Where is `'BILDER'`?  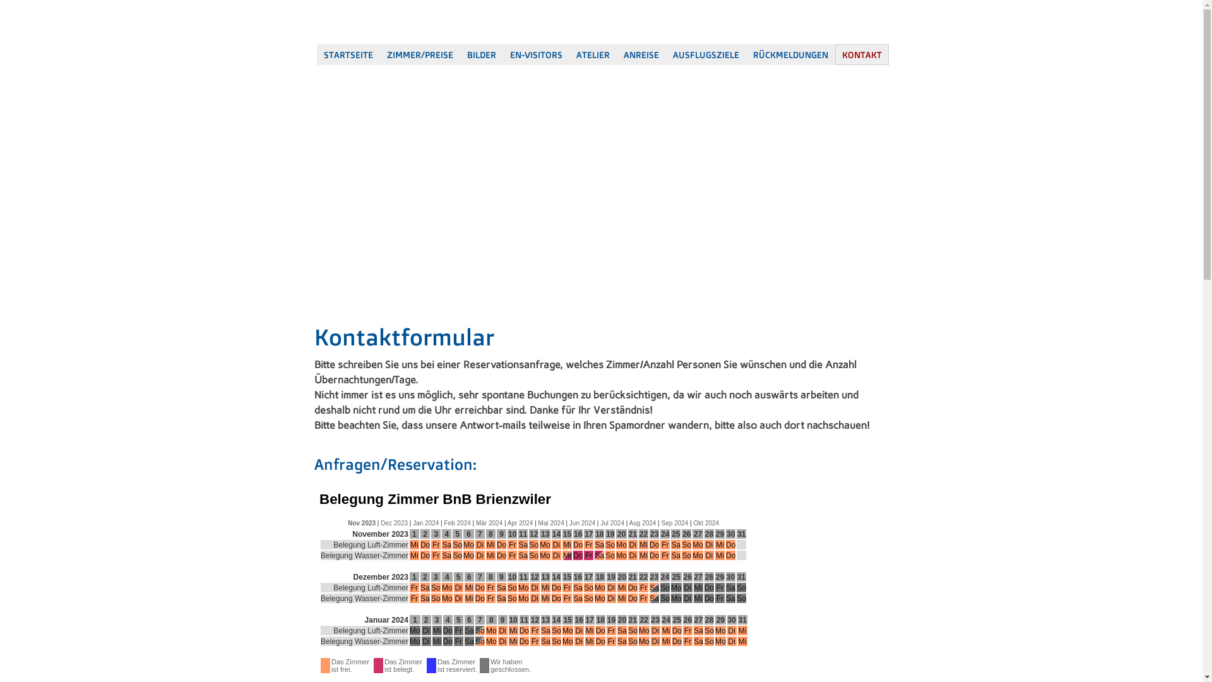 'BILDER' is located at coordinates (480, 54).